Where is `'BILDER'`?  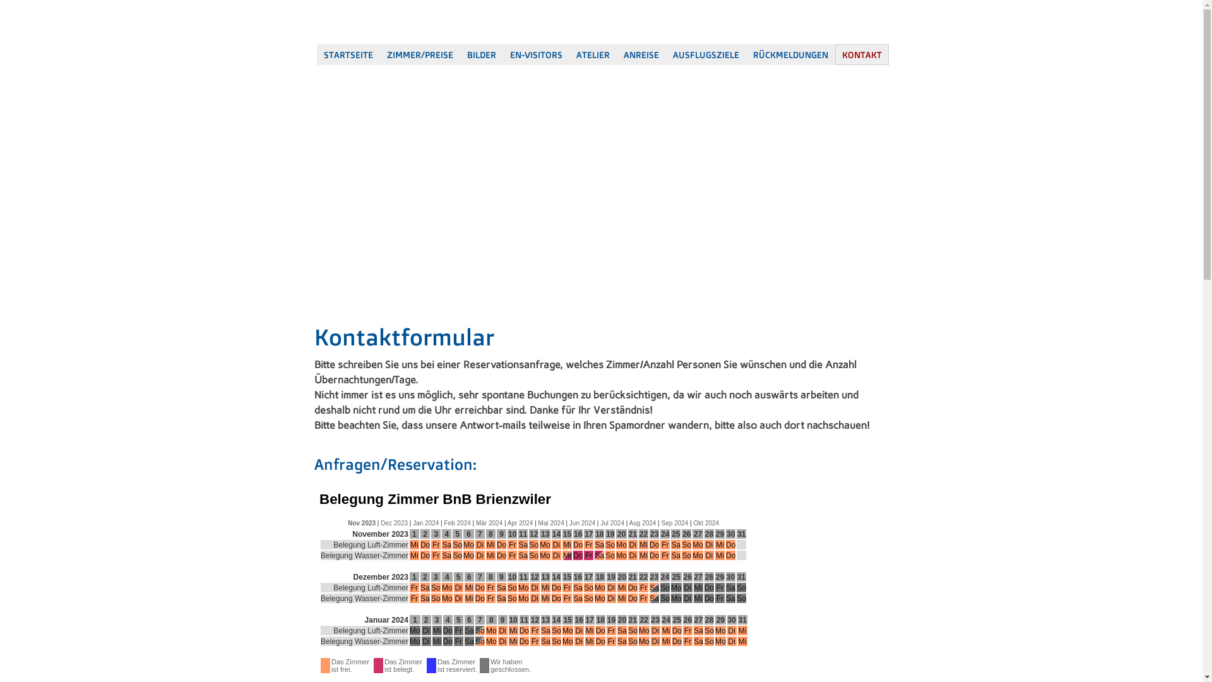 'BILDER' is located at coordinates (480, 54).